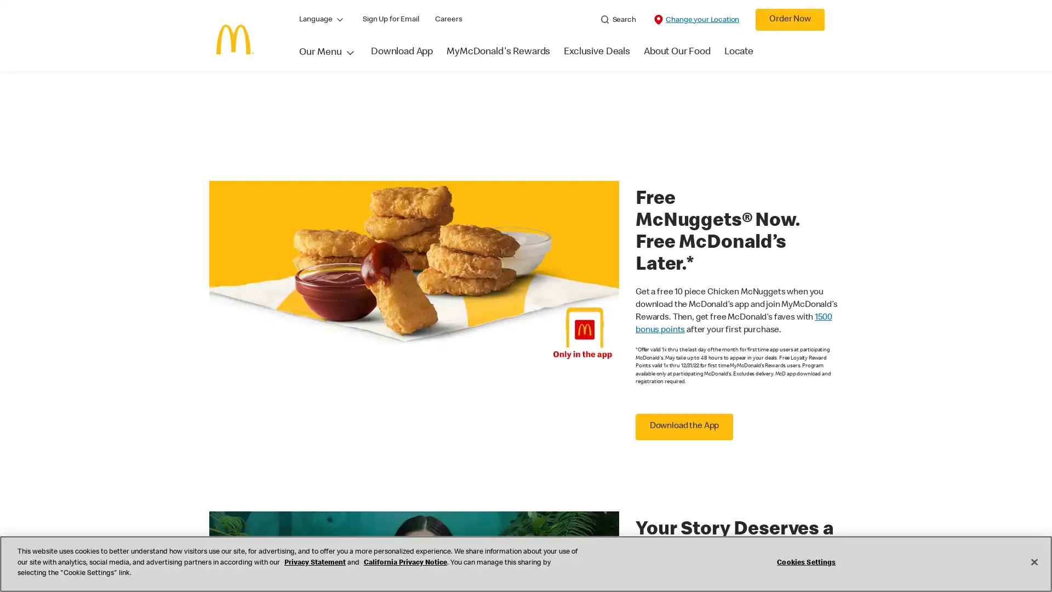 Image resolution: width=1052 pixels, height=592 pixels. Describe the element at coordinates (806, 562) in the screenshot. I see `Cookies Settings` at that location.